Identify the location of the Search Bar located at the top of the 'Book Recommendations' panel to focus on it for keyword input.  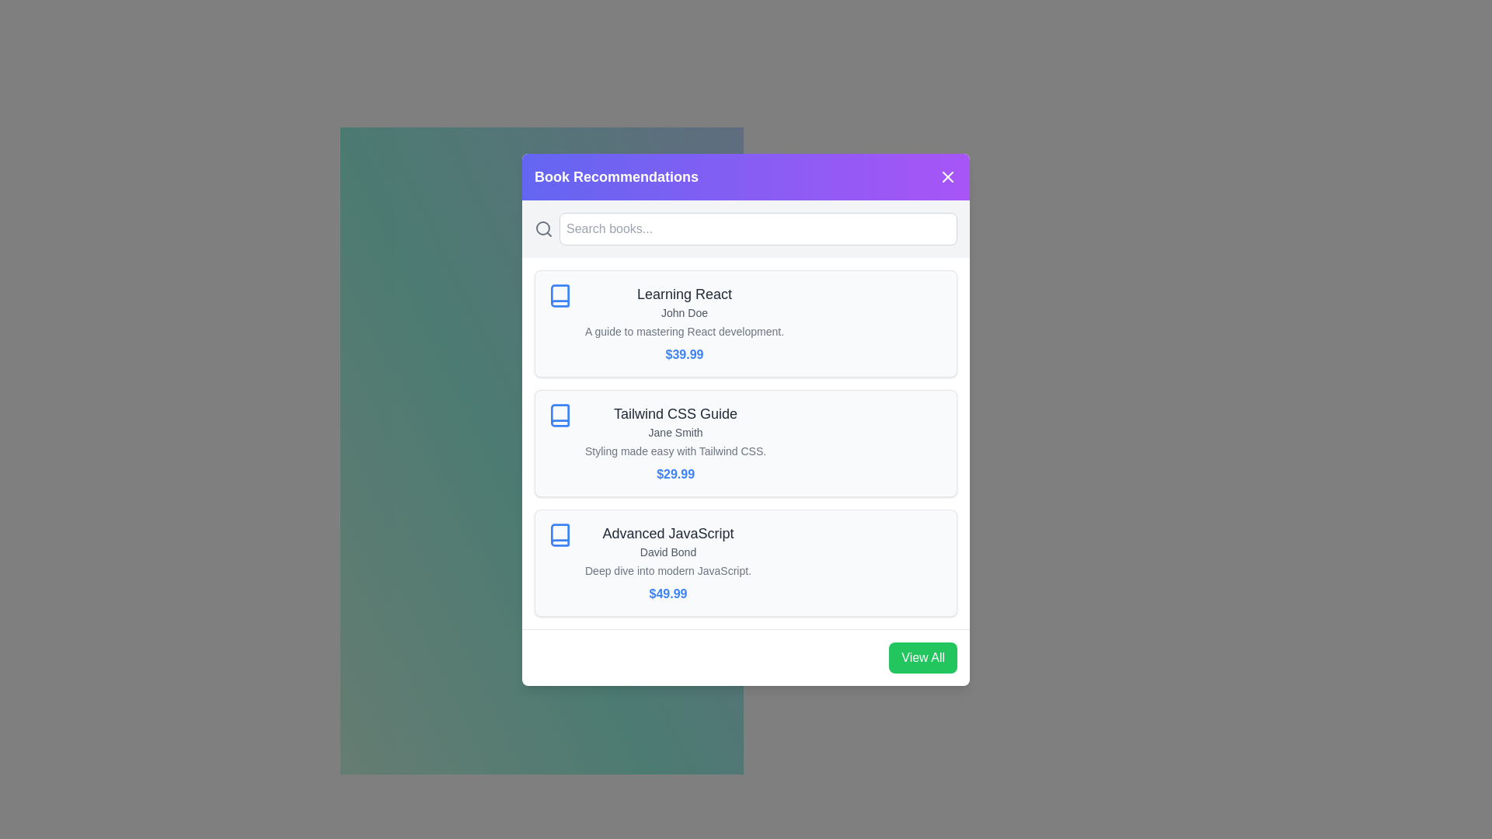
(746, 228).